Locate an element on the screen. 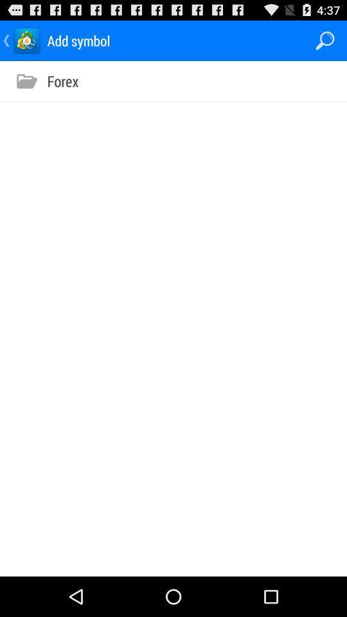 The height and width of the screenshot is (617, 347). forex is located at coordinates (66, 80).